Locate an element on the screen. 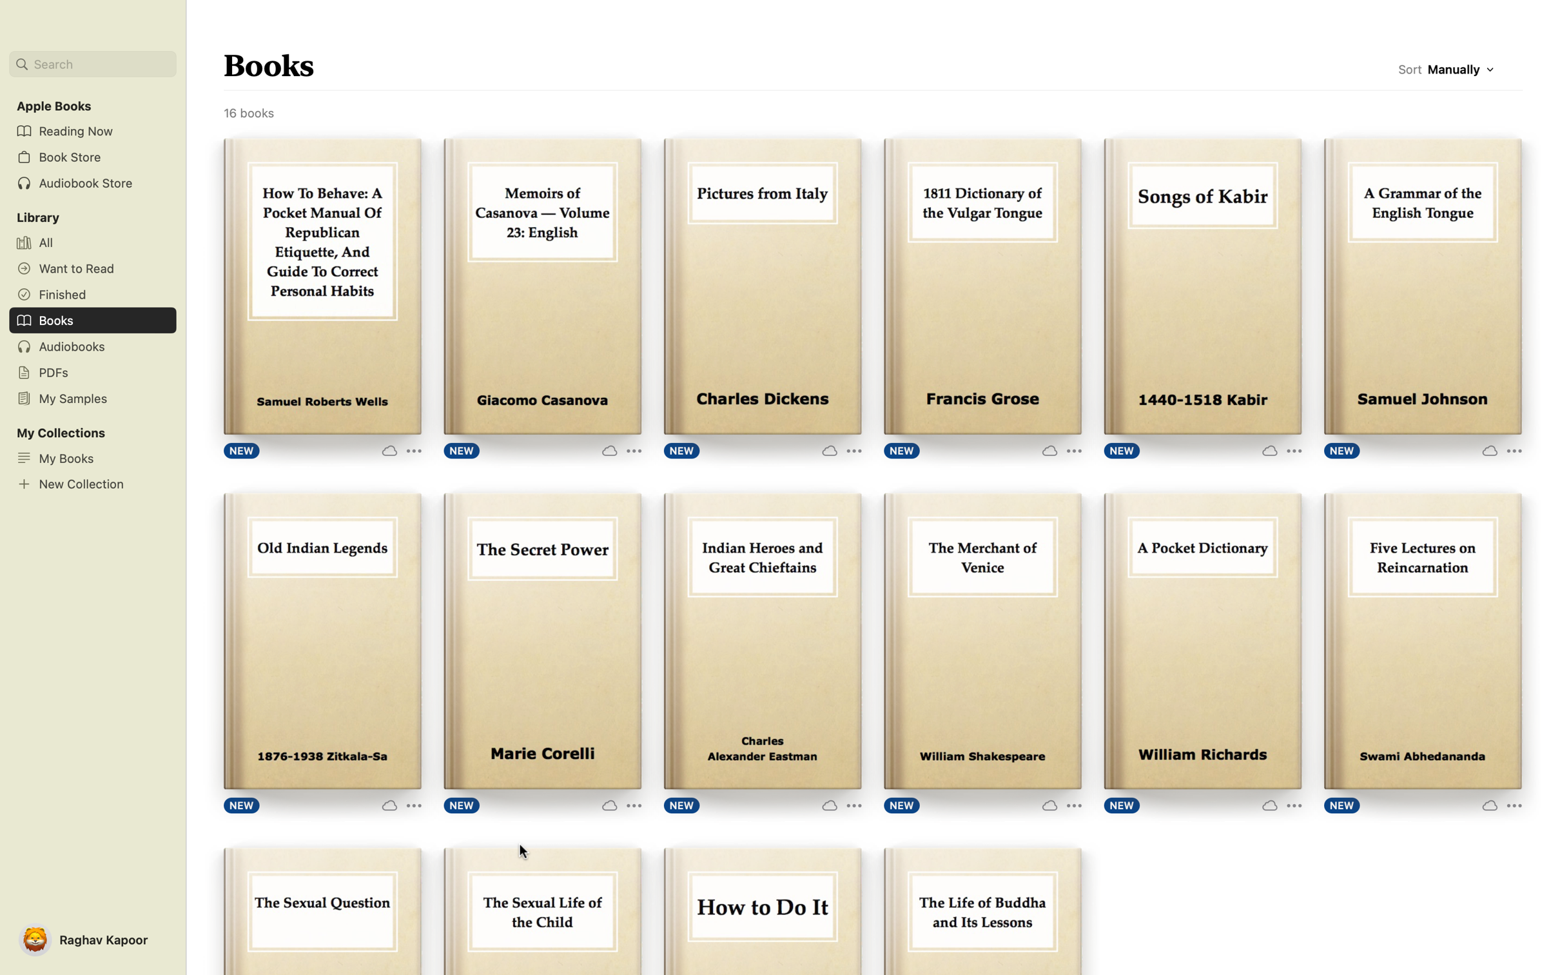 The image size is (1560, 975). Sort the book titles in List View is located at coordinates (1463, 72).